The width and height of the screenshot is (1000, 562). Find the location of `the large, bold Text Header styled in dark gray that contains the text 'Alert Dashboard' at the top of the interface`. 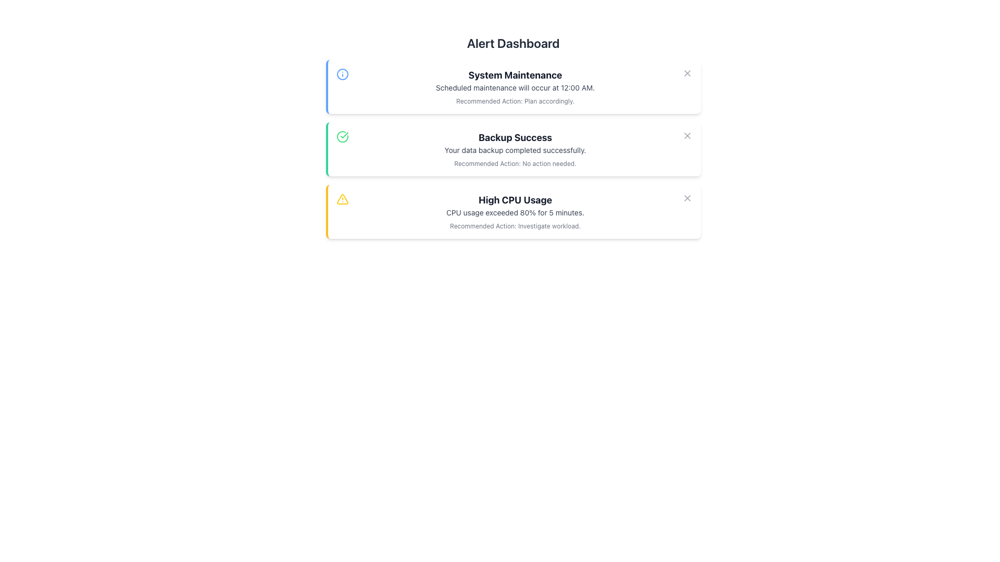

the large, bold Text Header styled in dark gray that contains the text 'Alert Dashboard' at the top of the interface is located at coordinates (513, 43).